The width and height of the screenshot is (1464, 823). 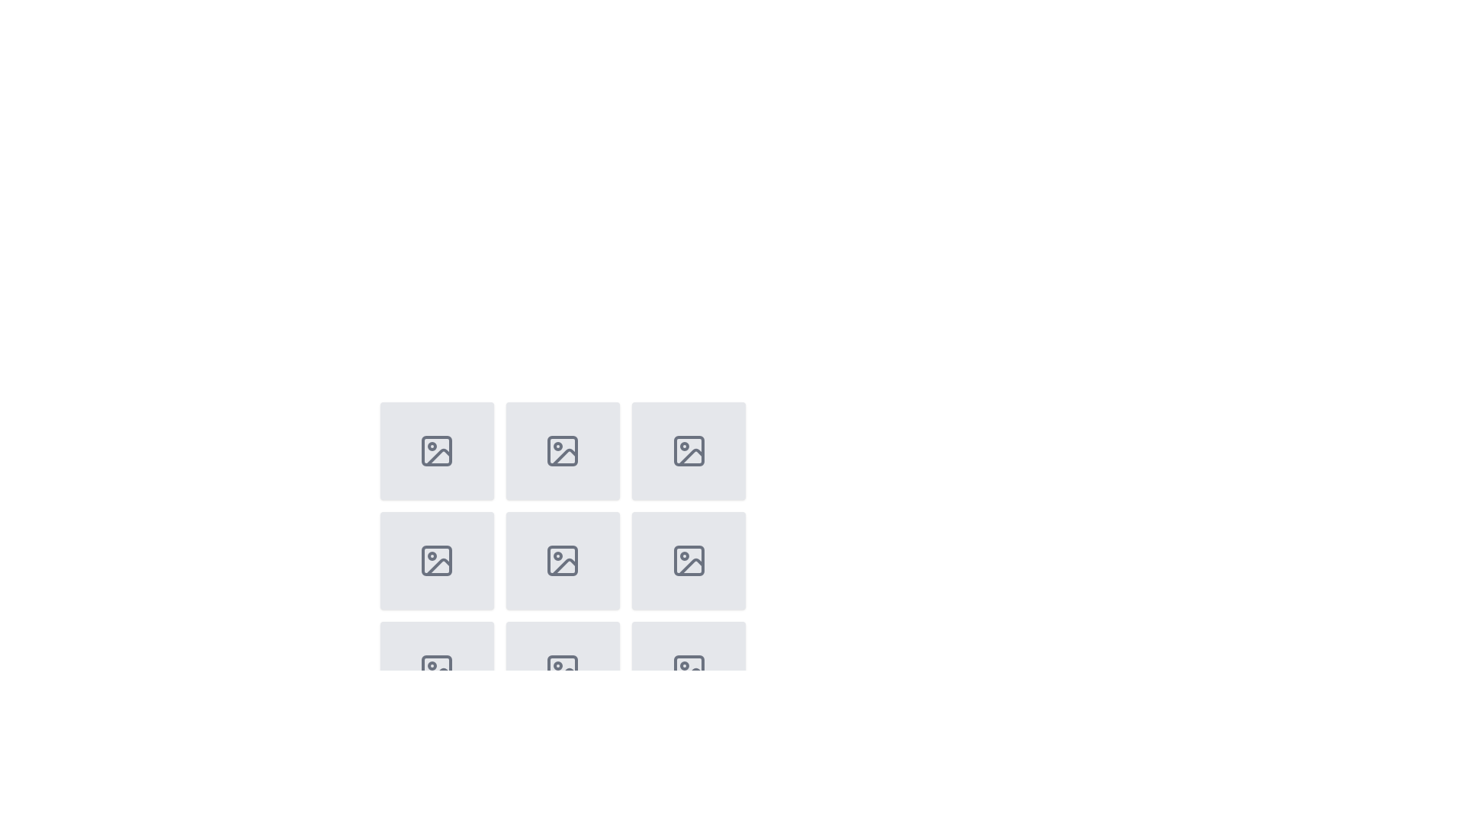 I want to click on an item onto the image placeholder located in the second column of the first row within a grid of rectangular cards, so click(x=562, y=450).